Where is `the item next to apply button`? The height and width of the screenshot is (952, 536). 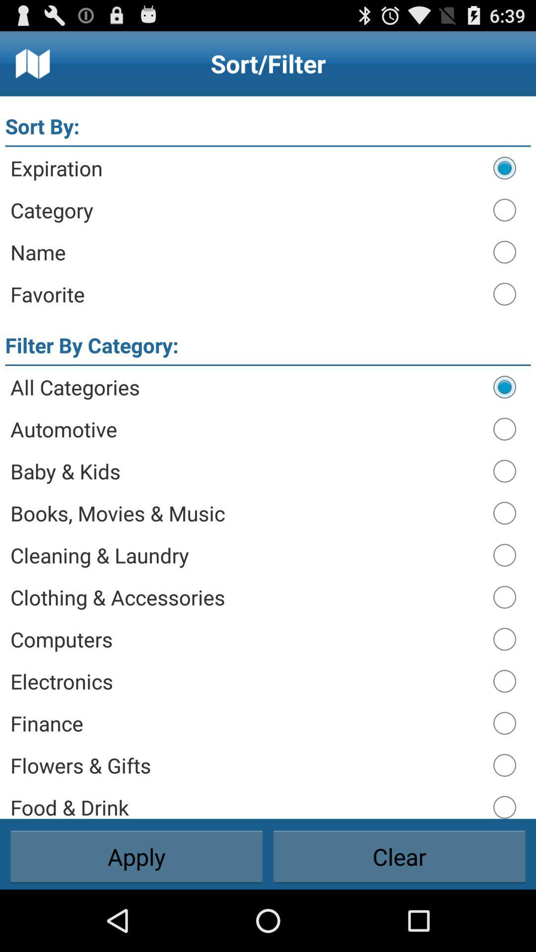
the item next to apply button is located at coordinates (399, 856).